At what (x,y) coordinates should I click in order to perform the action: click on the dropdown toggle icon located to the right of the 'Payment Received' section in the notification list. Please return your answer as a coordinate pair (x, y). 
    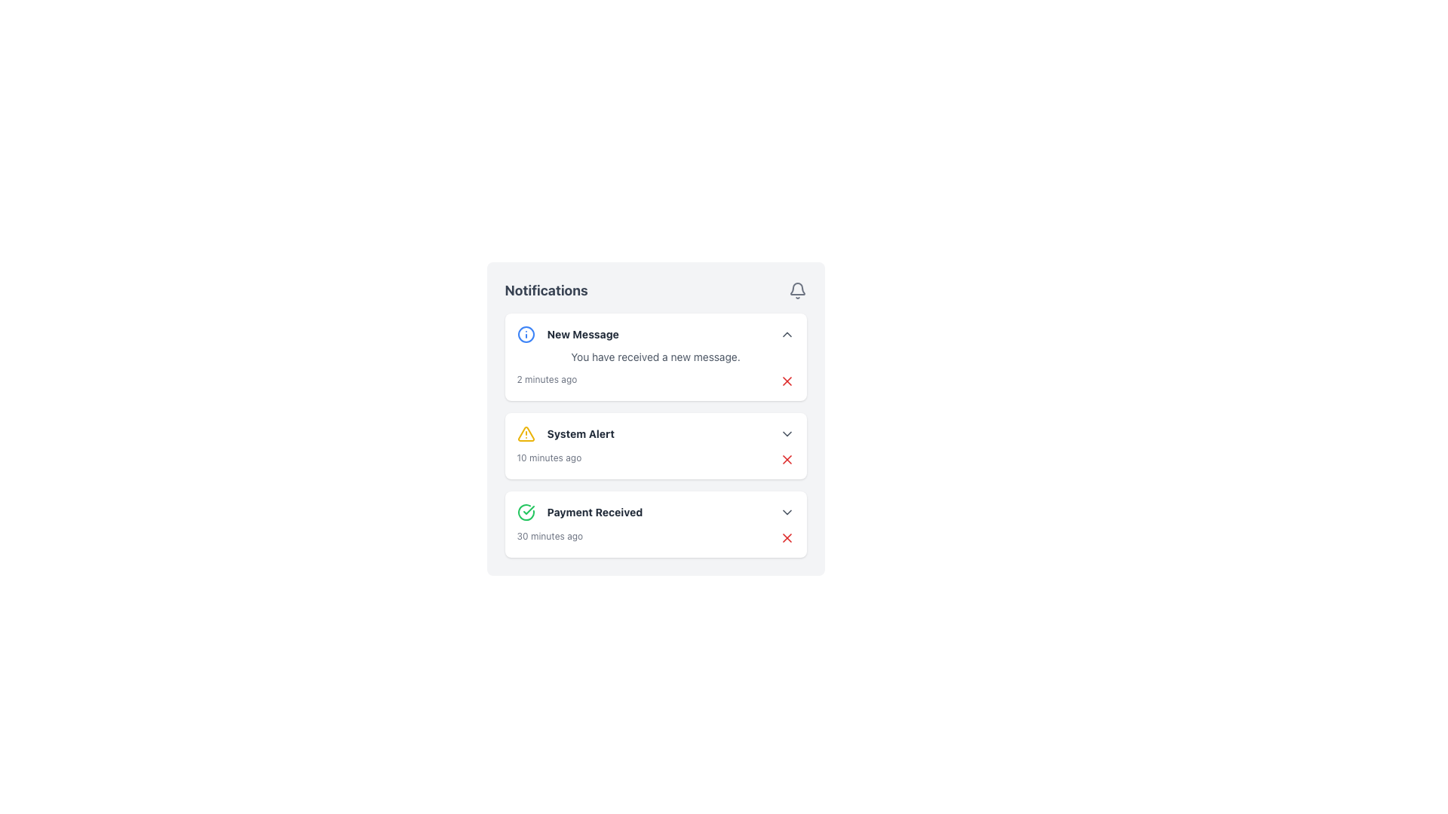
    Looking at the image, I should click on (786, 511).